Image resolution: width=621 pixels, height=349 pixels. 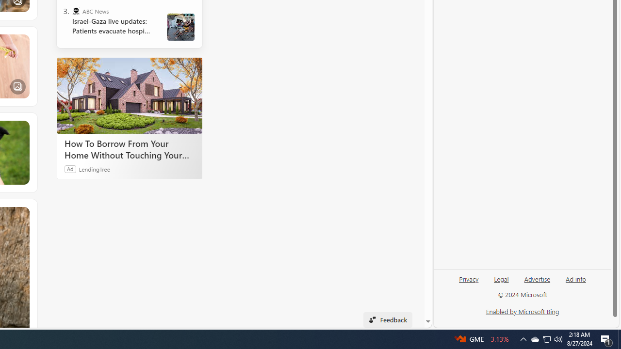 What do you see at coordinates (501, 278) in the screenshot?
I see `'Legal'` at bounding box center [501, 278].